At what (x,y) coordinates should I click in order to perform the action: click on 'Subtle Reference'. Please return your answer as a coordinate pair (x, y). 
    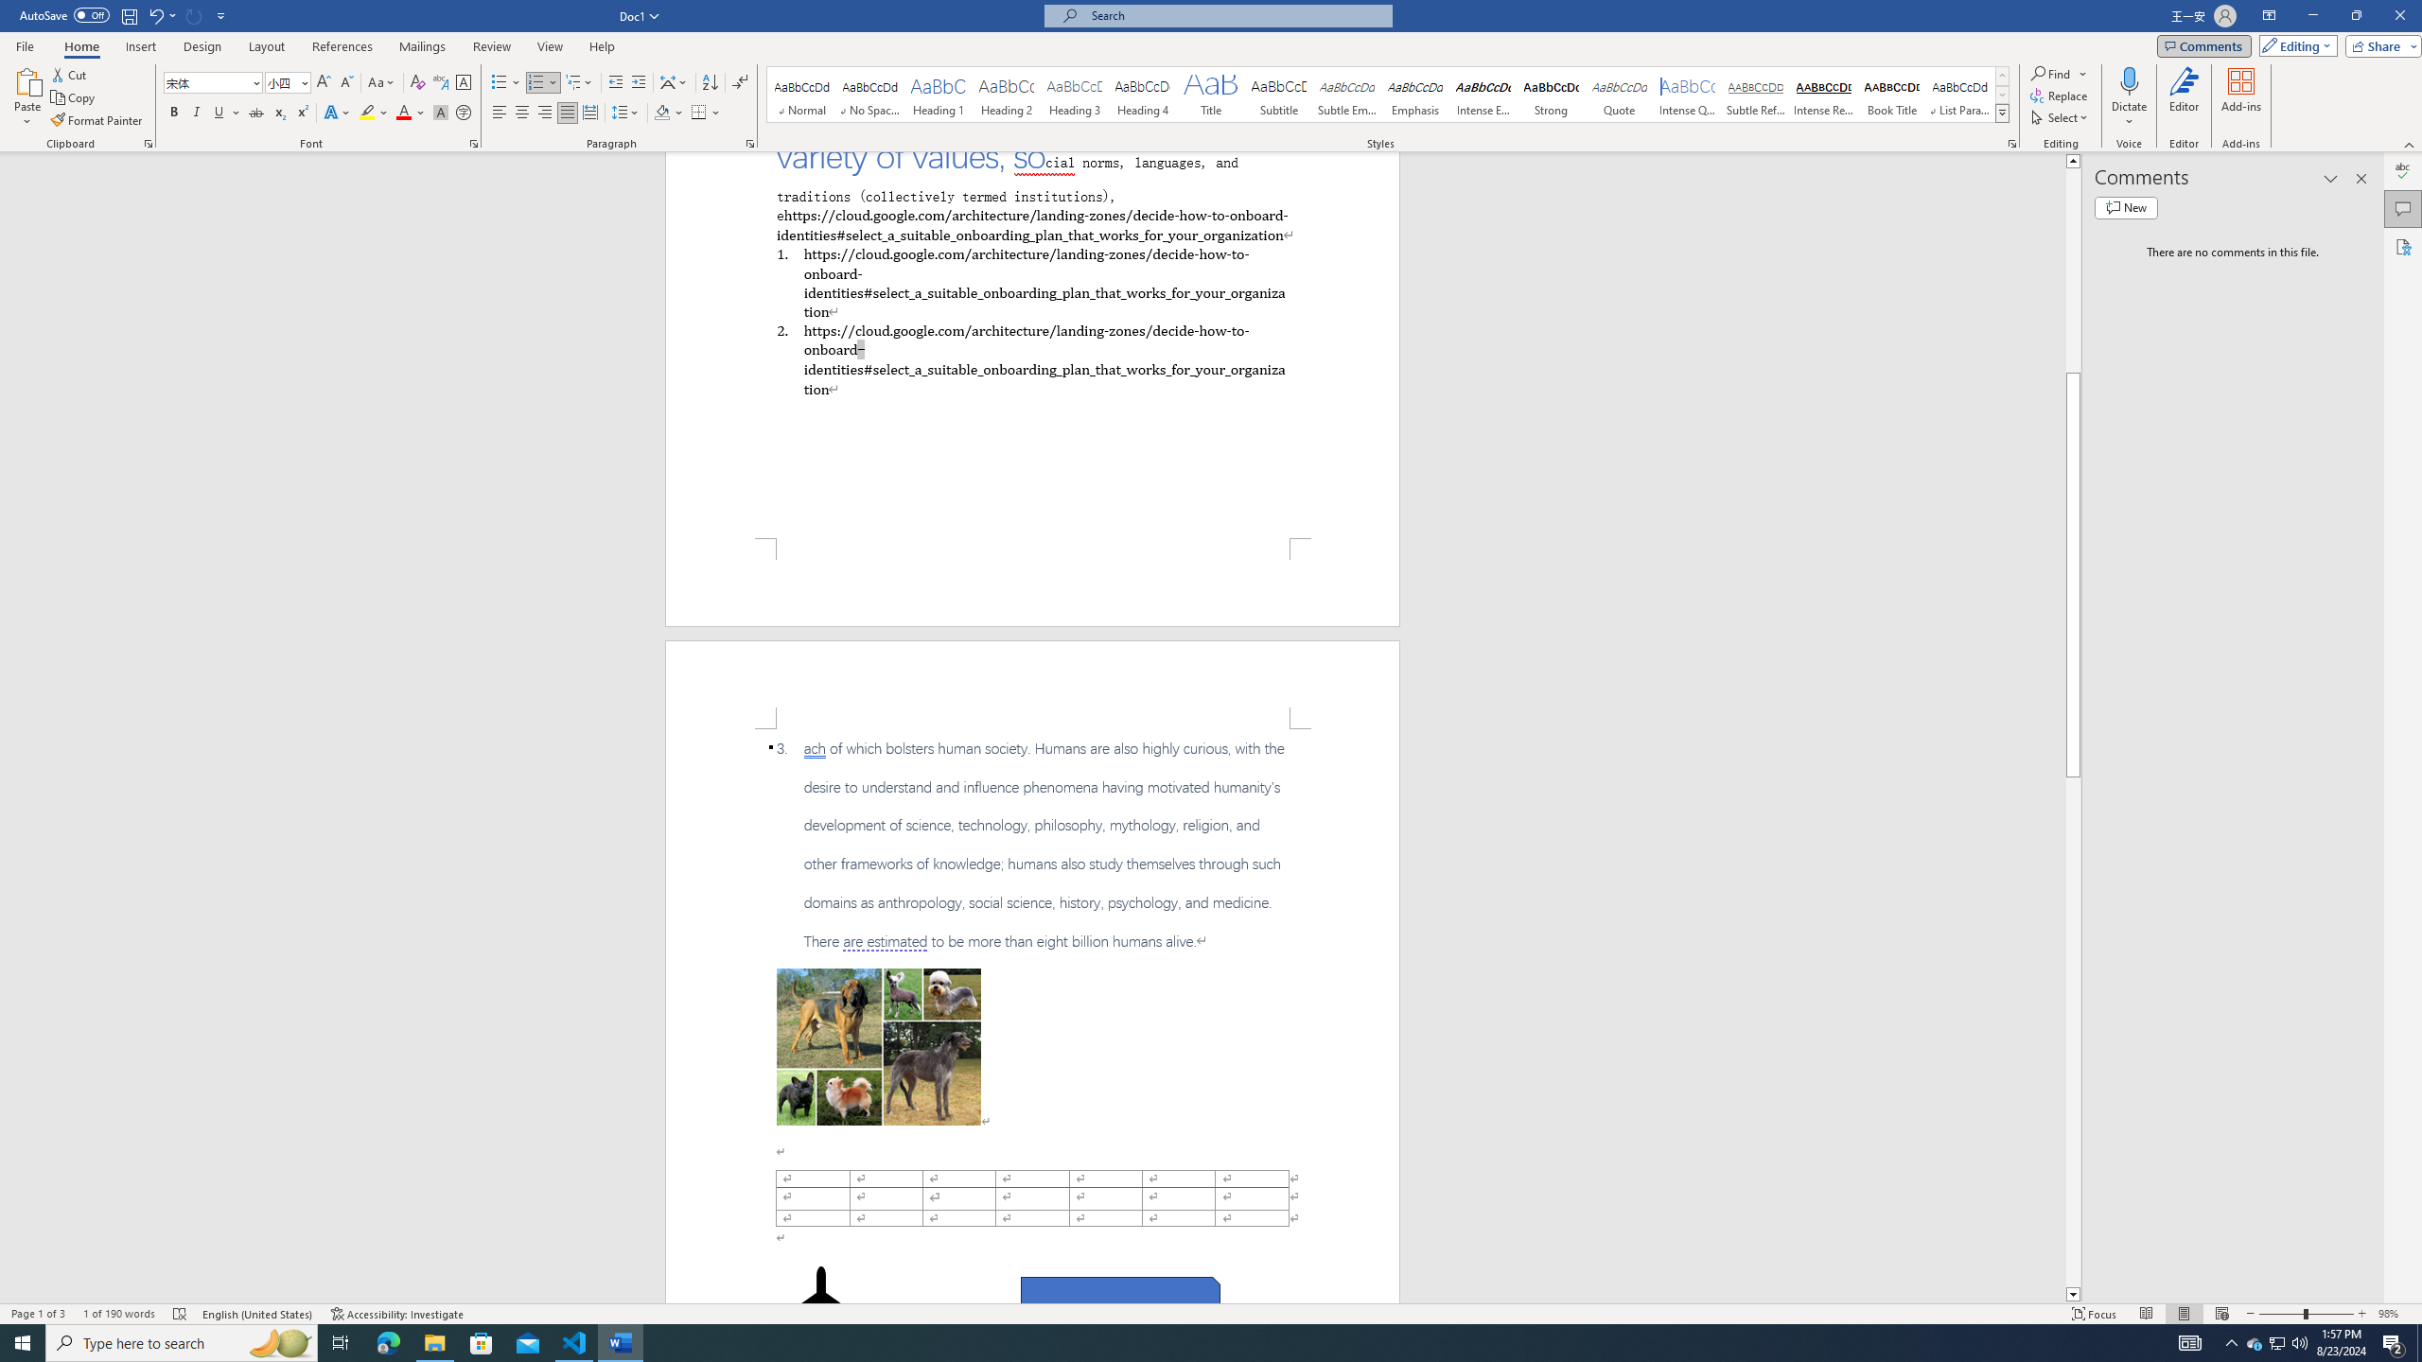
    Looking at the image, I should click on (1755, 94).